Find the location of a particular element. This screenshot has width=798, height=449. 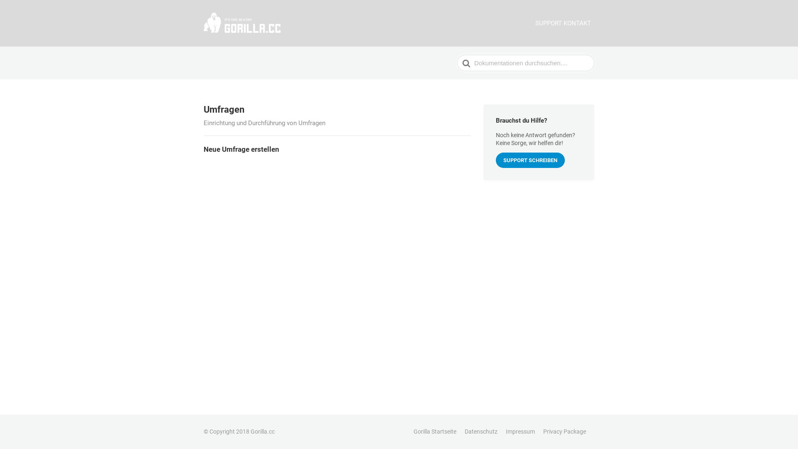

'Impressum' is located at coordinates (520, 431).